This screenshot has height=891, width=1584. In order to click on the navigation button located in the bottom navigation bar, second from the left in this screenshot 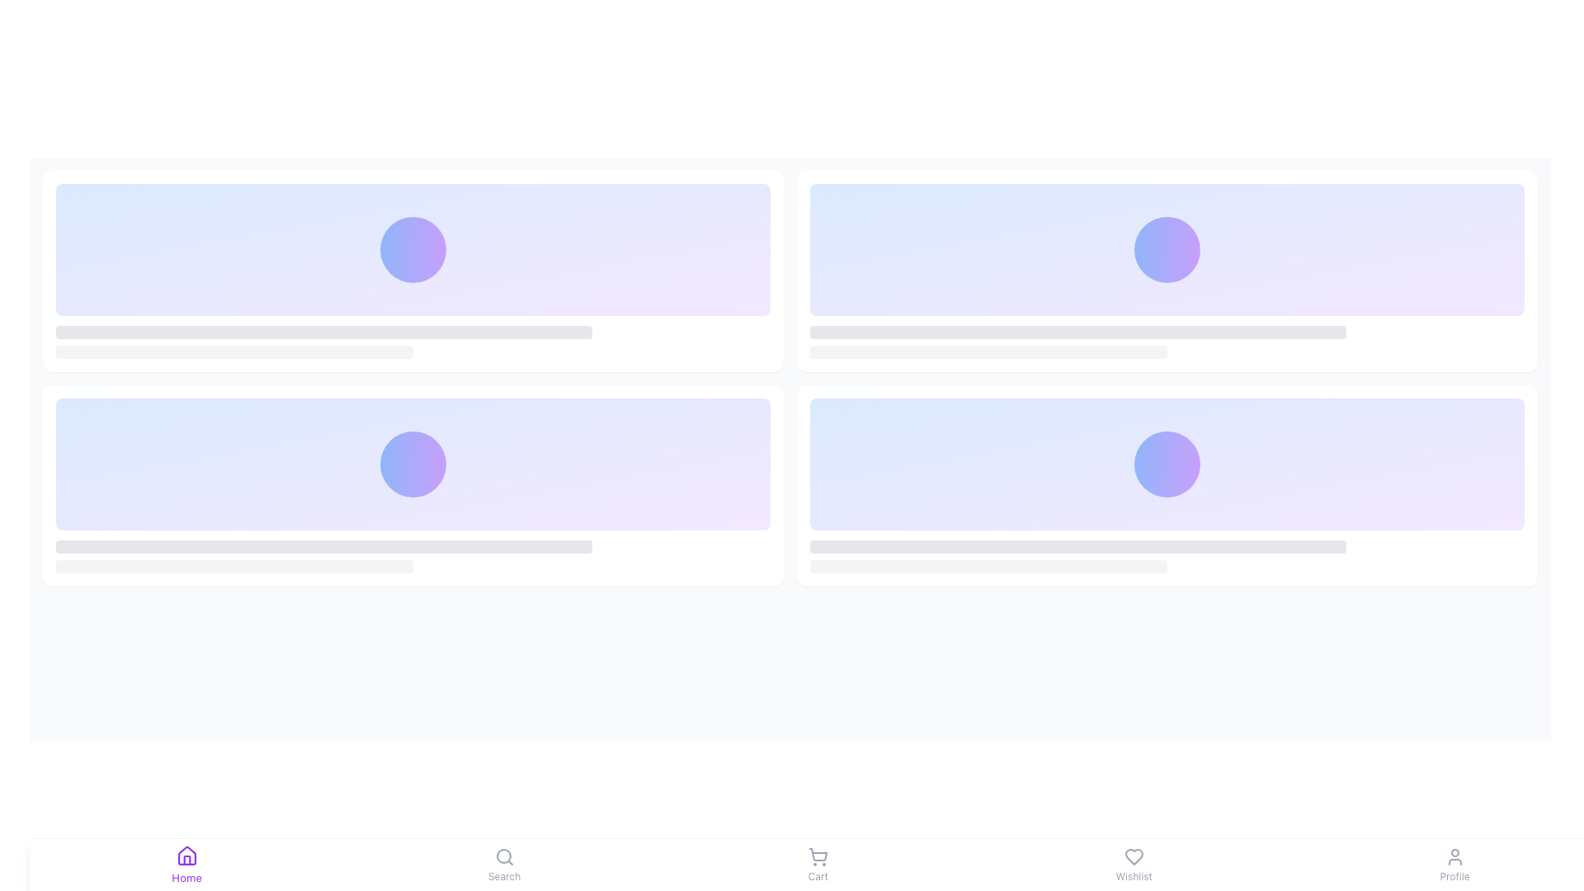, I will do `click(503, 864)`.